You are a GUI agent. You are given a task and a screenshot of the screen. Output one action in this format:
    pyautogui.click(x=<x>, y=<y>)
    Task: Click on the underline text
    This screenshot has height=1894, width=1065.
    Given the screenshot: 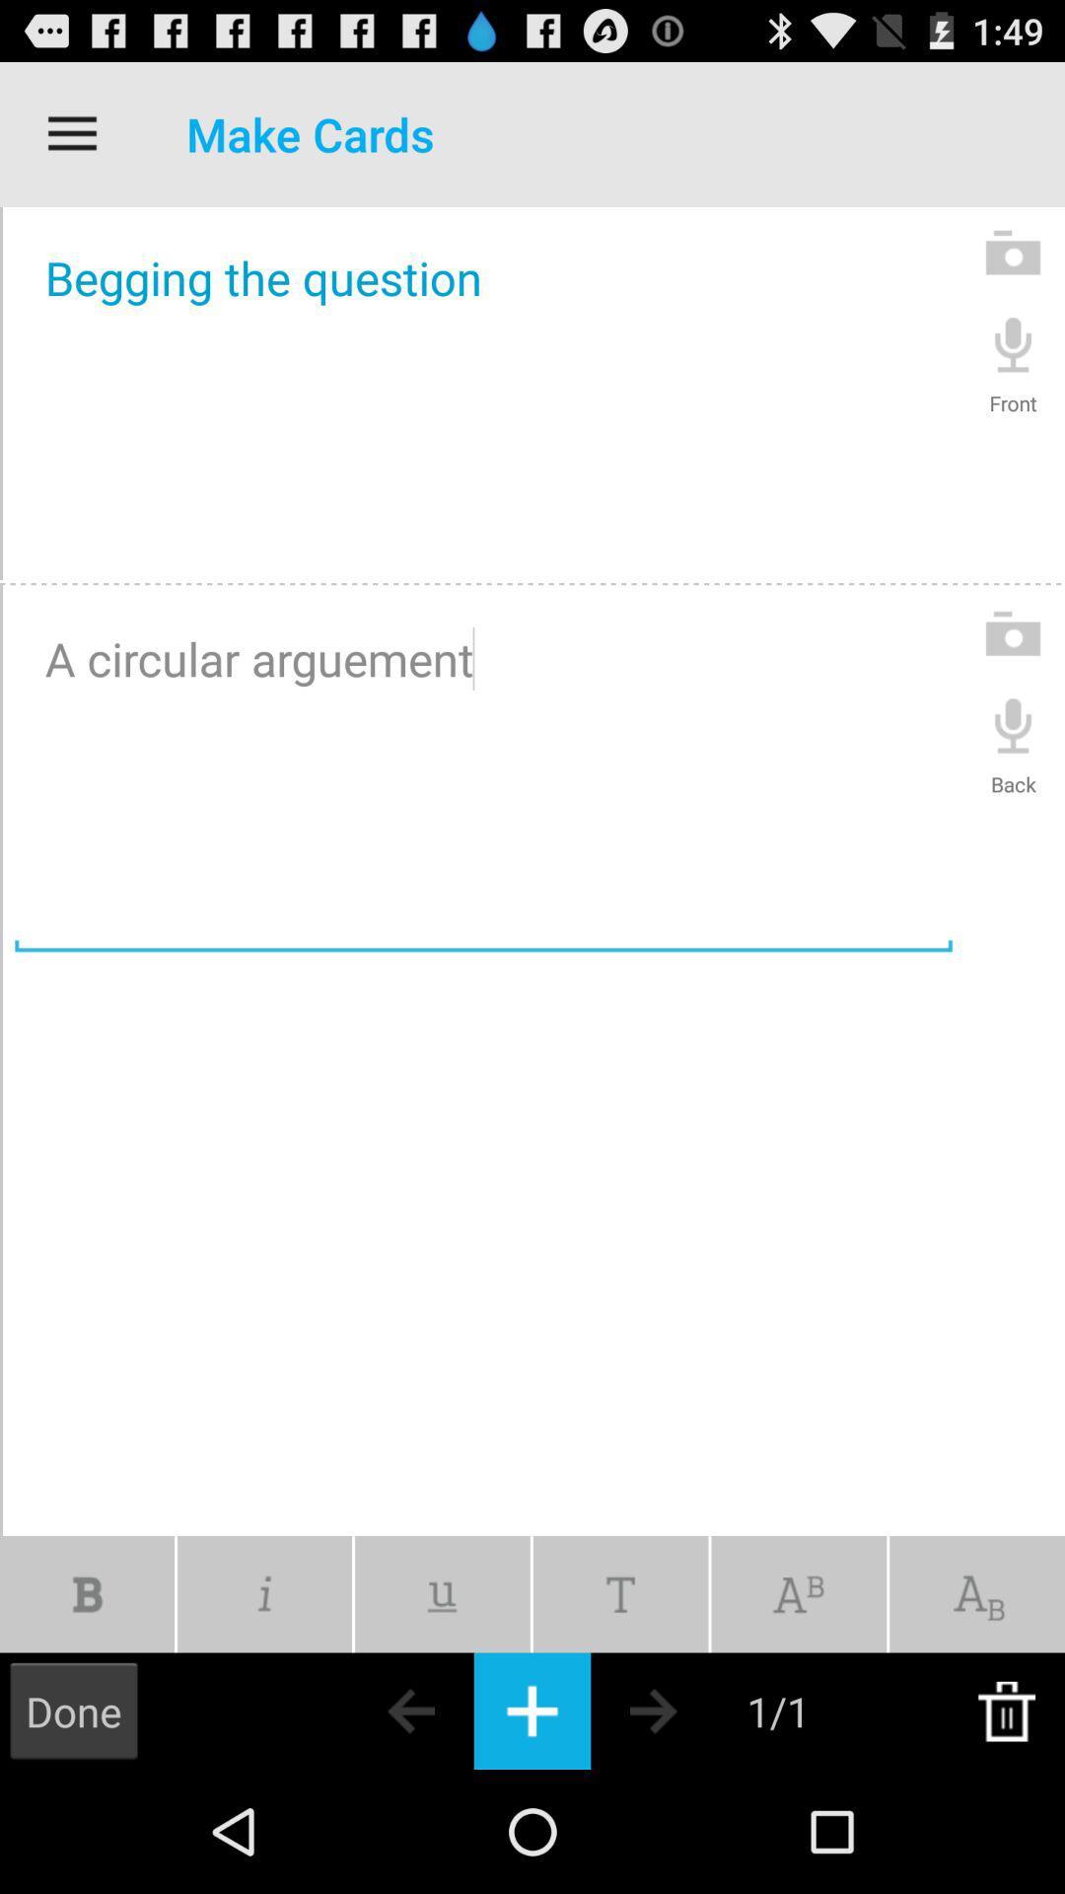 What is the action you would take?
    pyautogui.click(x=441, y=1594)
    